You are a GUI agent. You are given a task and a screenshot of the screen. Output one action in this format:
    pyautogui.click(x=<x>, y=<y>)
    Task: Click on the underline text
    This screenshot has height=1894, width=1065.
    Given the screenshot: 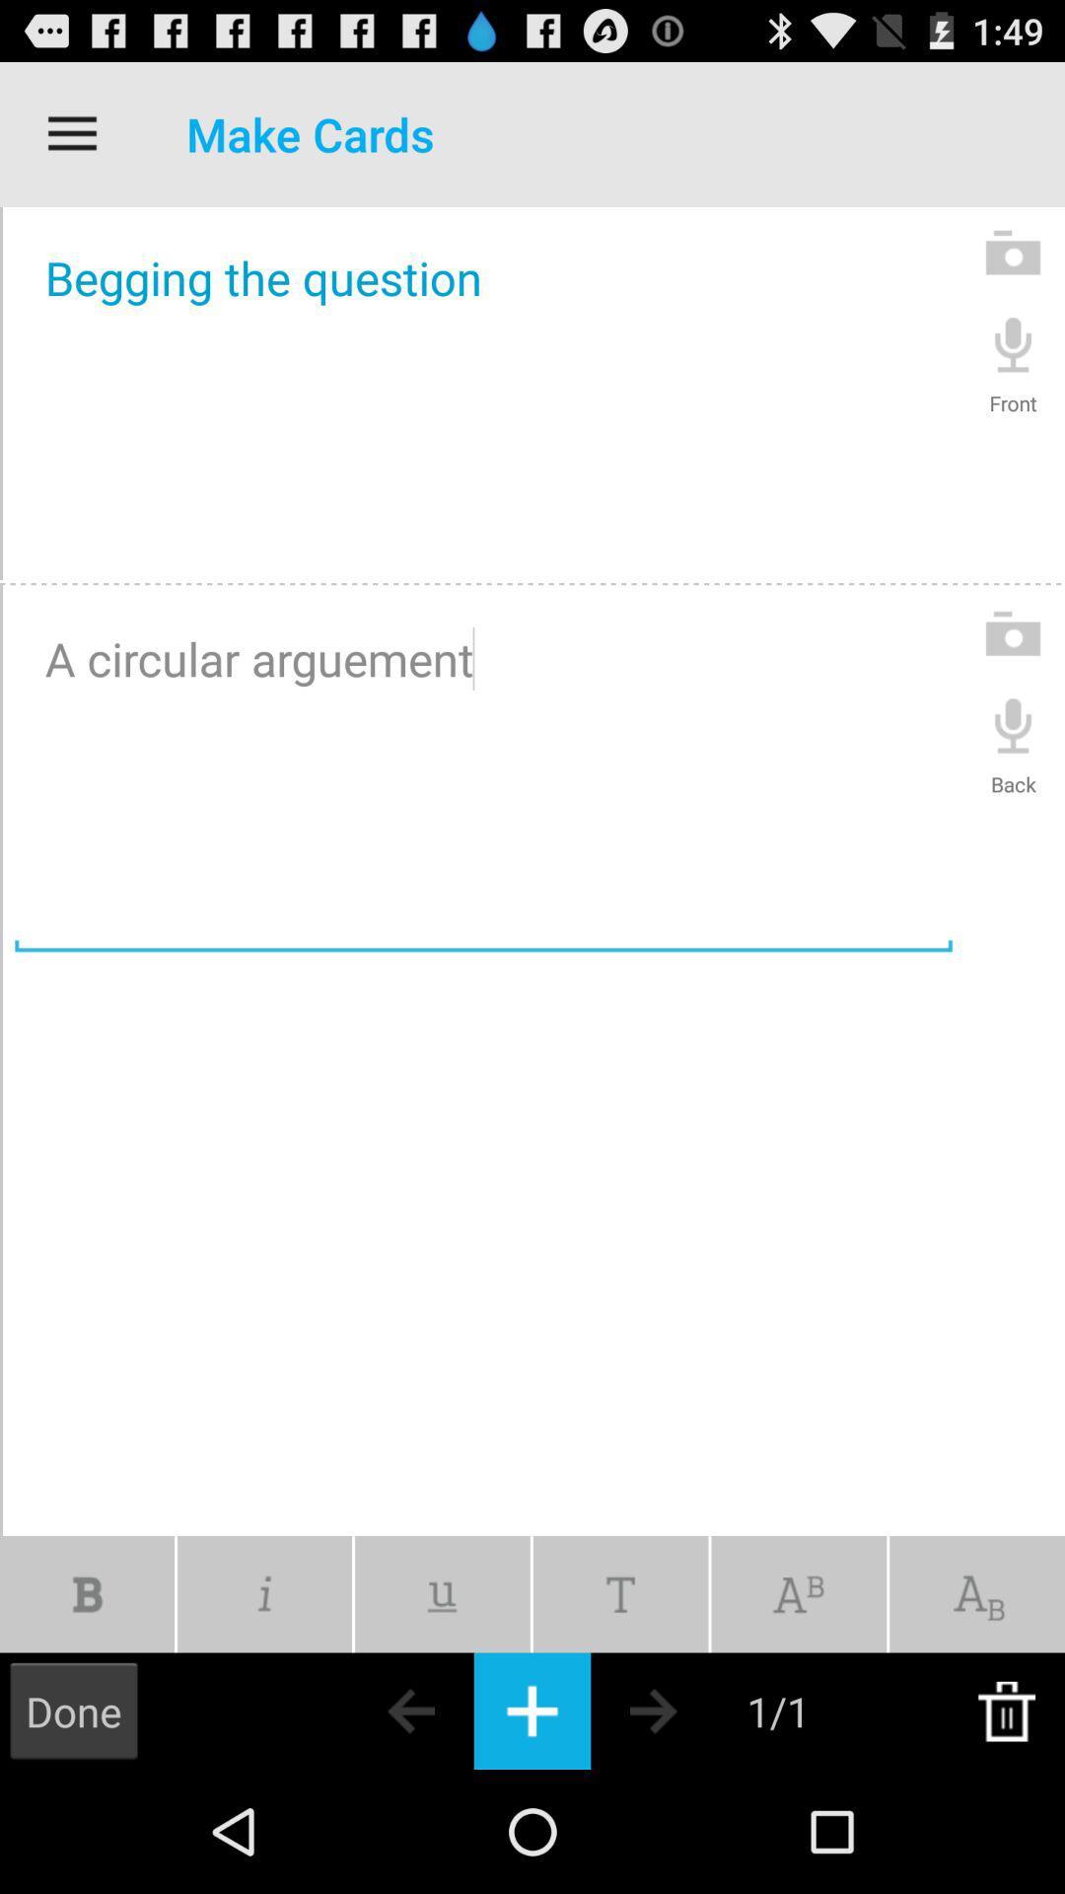 What is the action you would take?
    pyautogui.click(x=441, y=1594)
    